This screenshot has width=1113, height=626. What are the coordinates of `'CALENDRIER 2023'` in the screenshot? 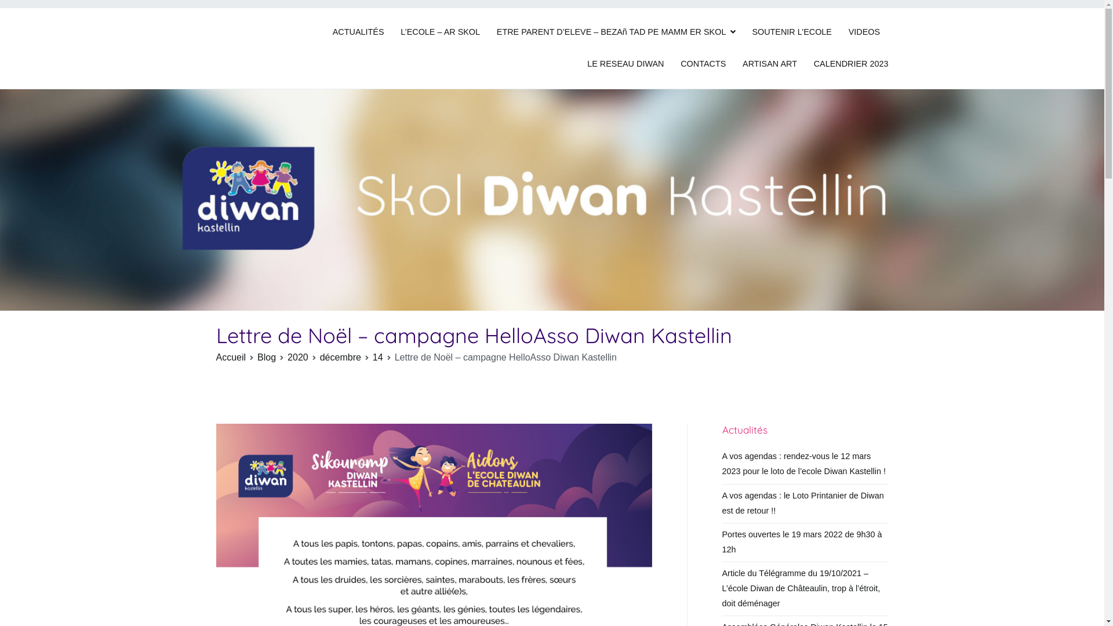 It's located at (813, 64).